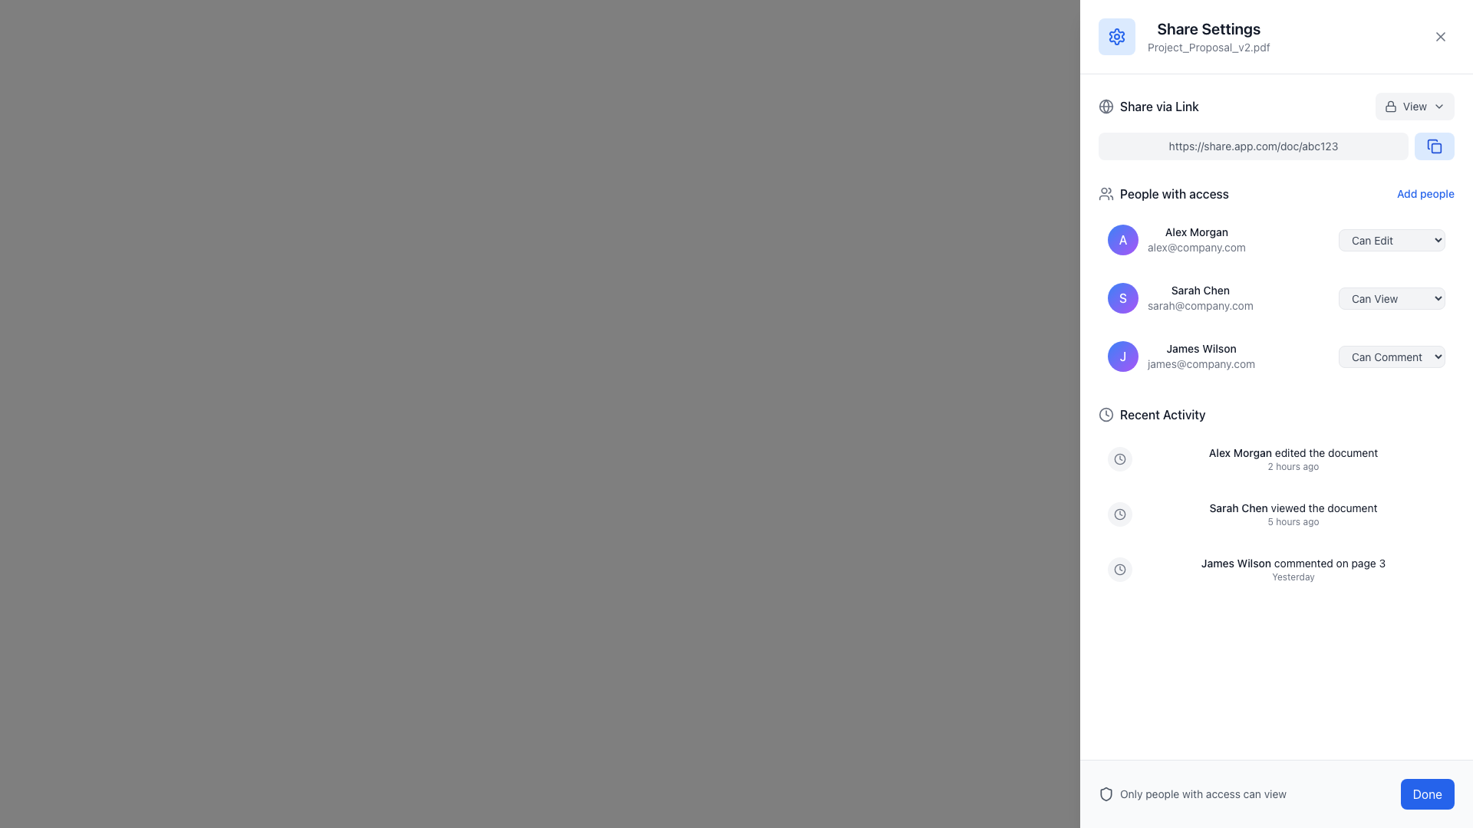  I want to click on the text display element that shows 'James Wilson commented on page 3' in the 'Recent Activity' section, so click(1292, 563).